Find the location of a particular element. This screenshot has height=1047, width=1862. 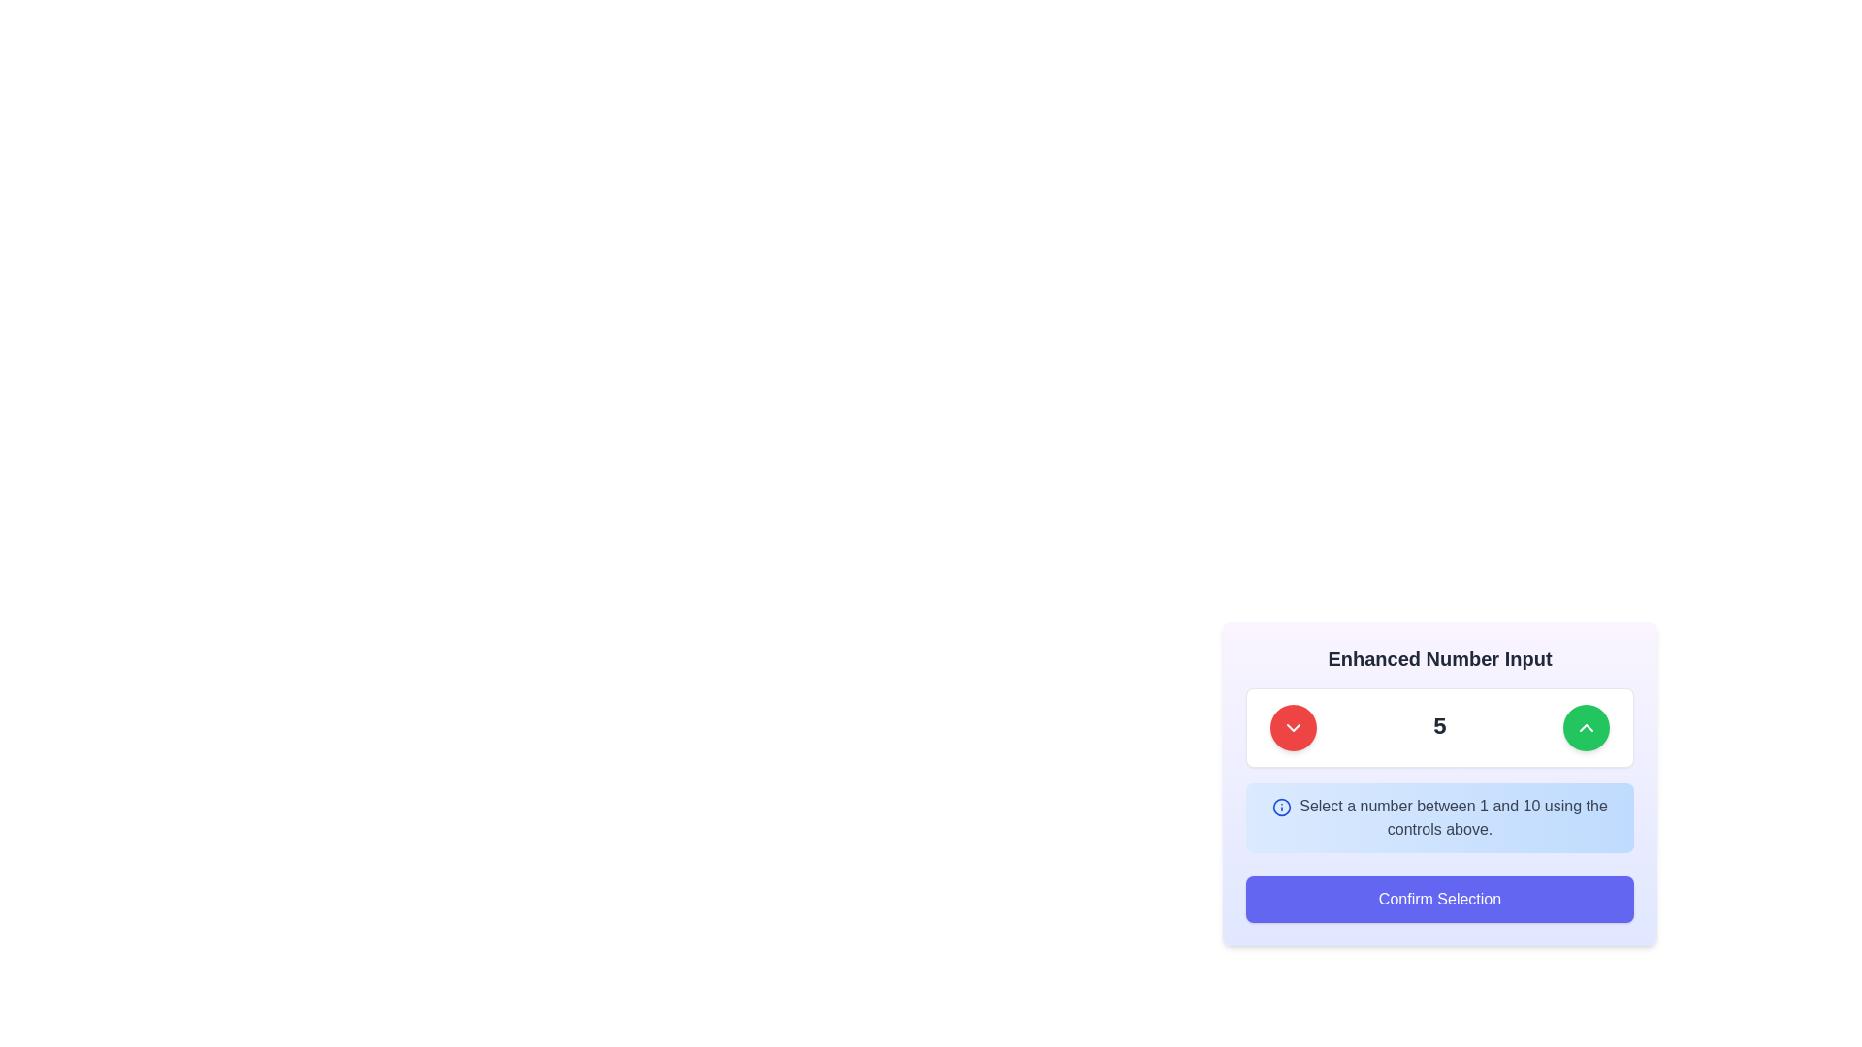

the Text display that shows the current value or selected number in the number input control, which is centrally positioned within a rectangular white box with rounded corners, flanked by a red button on the left and a green button on the right is located at coordinates (1439, 728).